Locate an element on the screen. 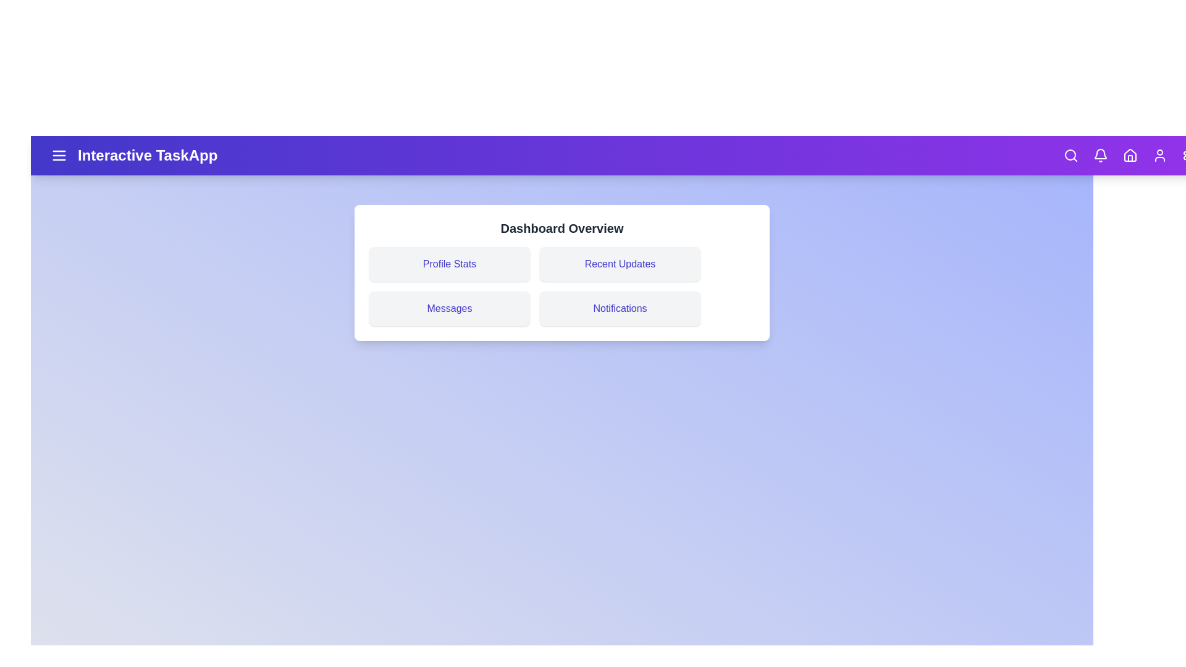 Image resolution: width=1186 pixels, height=667 pixels. the menu icon to toggle the side menu is located at coordinates (59, 154).